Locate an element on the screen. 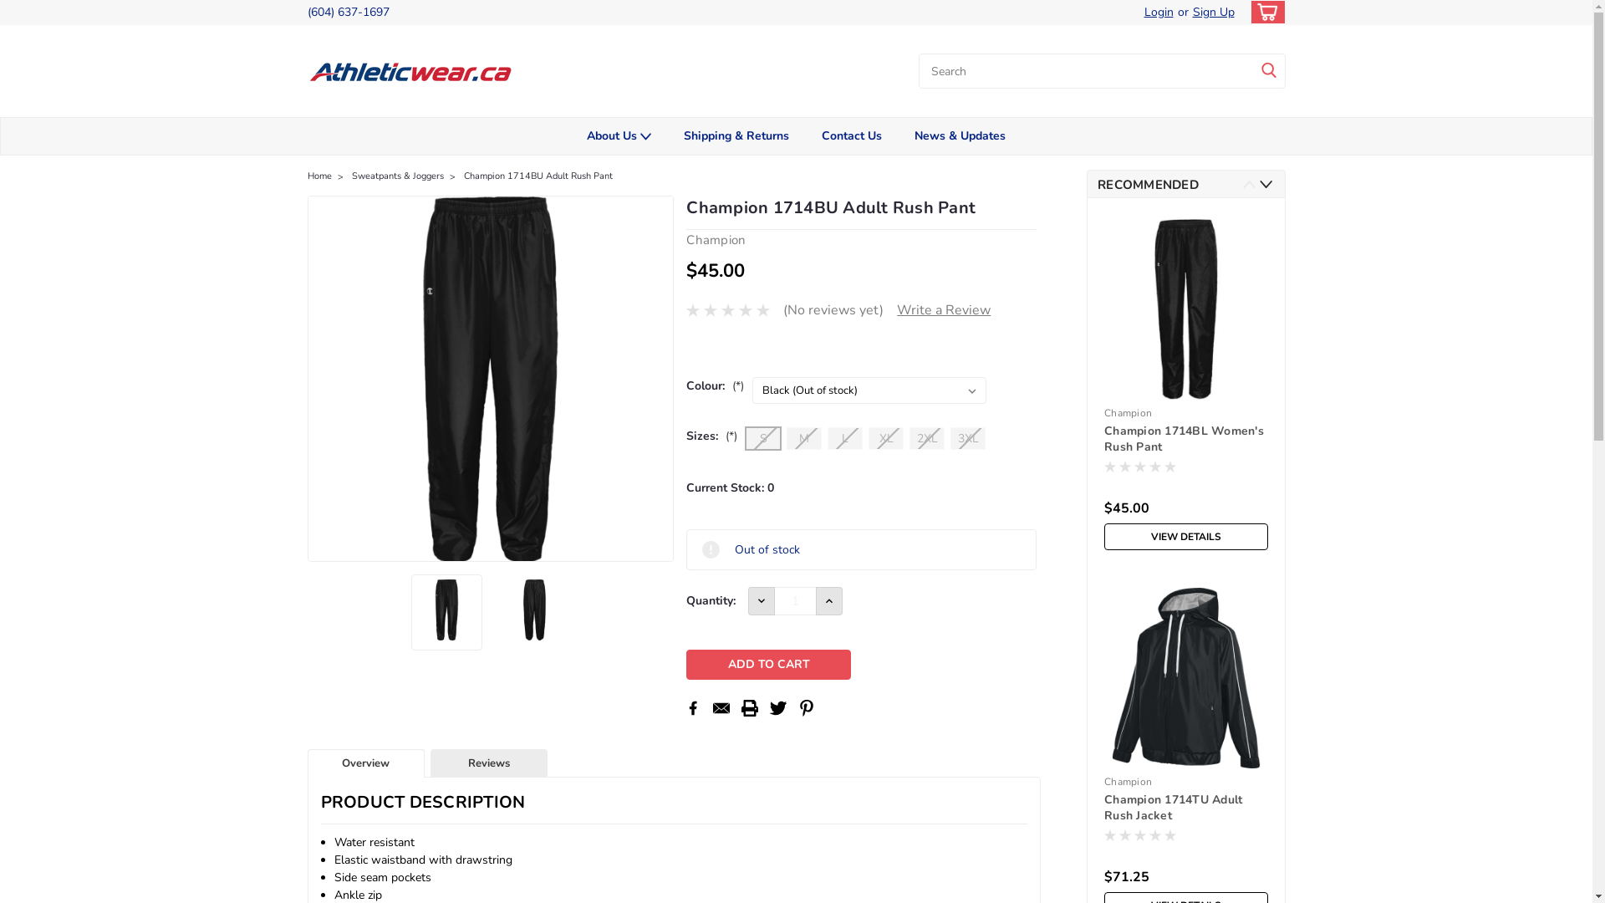 This screenshot has height=903, width=1605. 'Champion 1714BU Adult Rush Pant' is located at coordinates (538, 176).